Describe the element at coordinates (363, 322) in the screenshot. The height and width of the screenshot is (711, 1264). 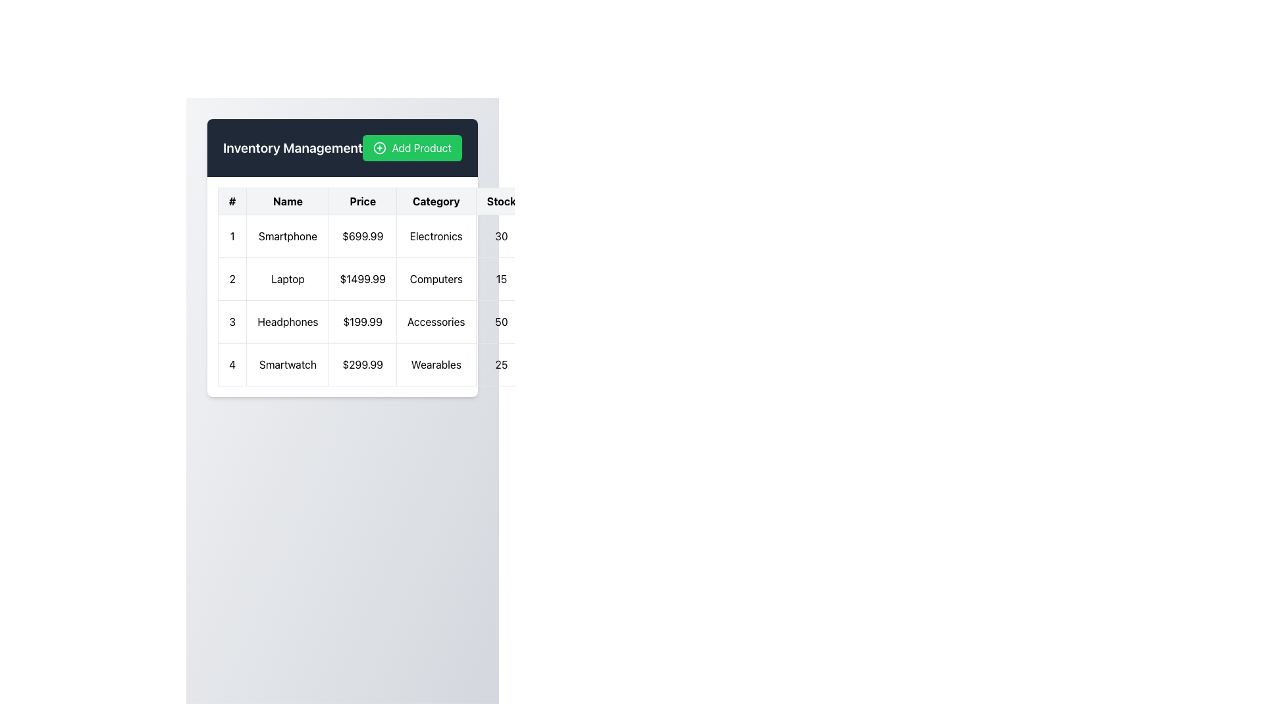
I see `the price display label for the 'Headphones' item located in the third row and third column of the product inventory table` at that location.